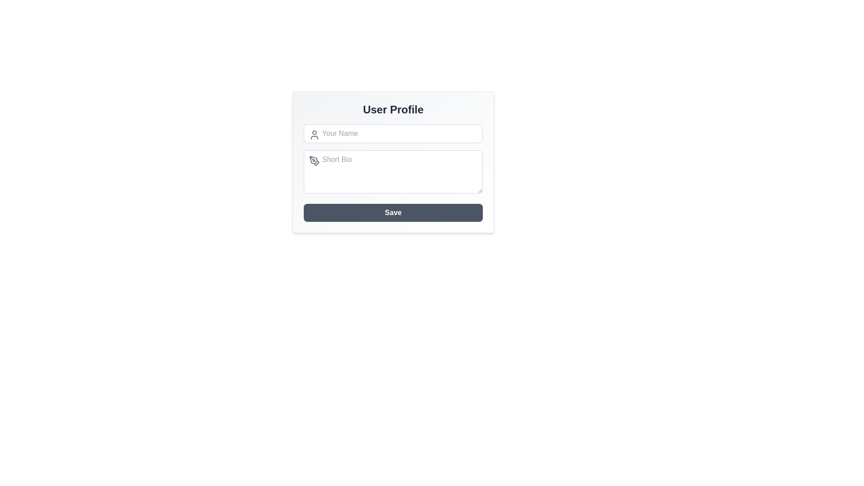 This screenshot has width=864, height=486. What do you see at coordinates (315, 161) in the screenshot?
I see `the pen icon element, which is styled in a minimalist design with rounded edges and a gray color, located to the left of the 'Short Bio' input field in the 'User Profile' interface` at bounding box center [315, 161].